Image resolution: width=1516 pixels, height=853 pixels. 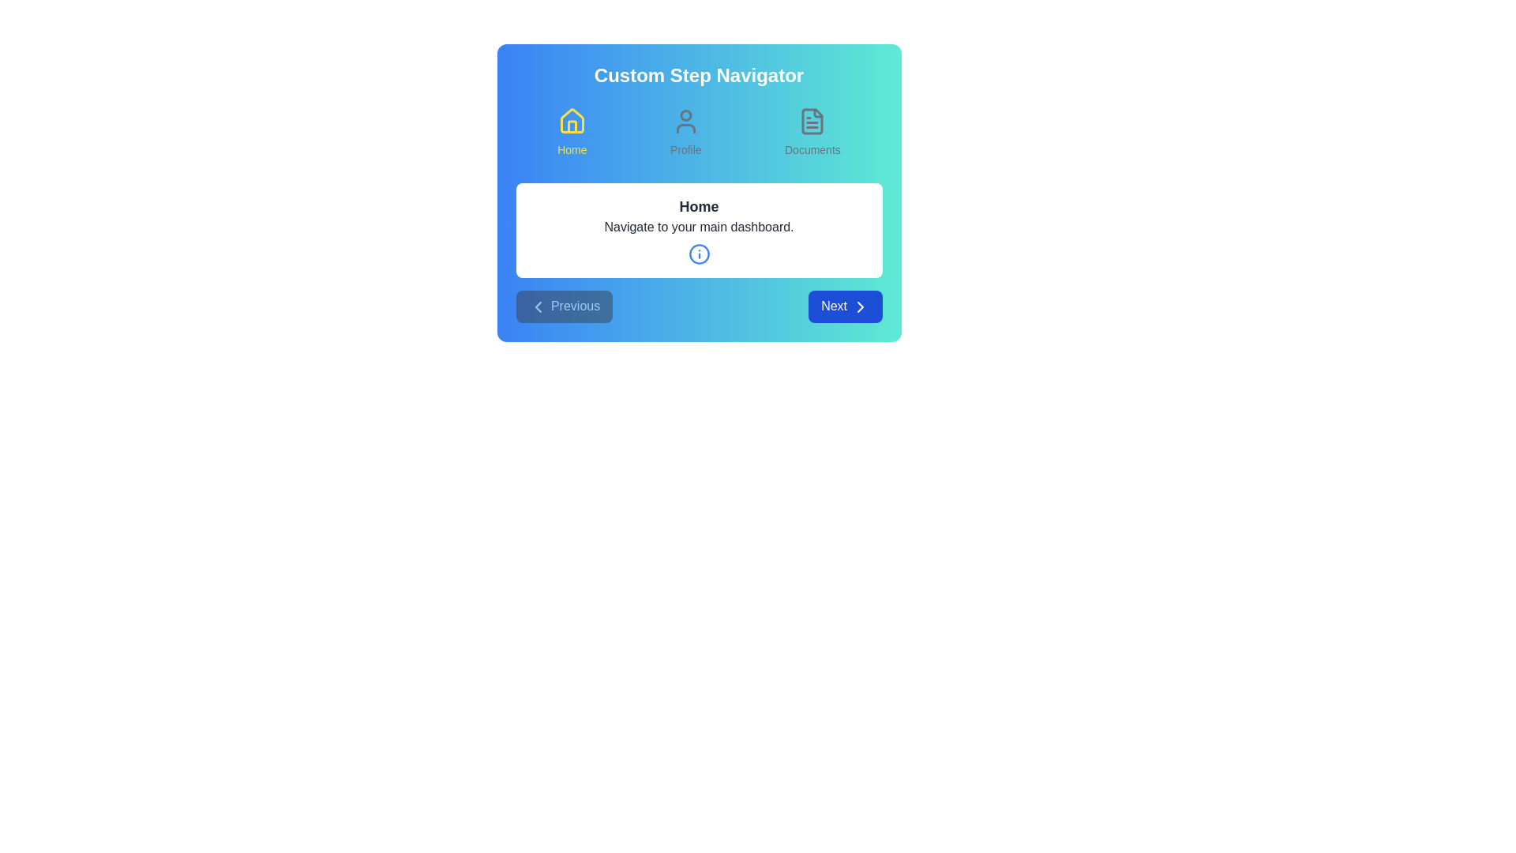 I want to click on the text description of the current step to read or copy it, so click(x=698, y=231).